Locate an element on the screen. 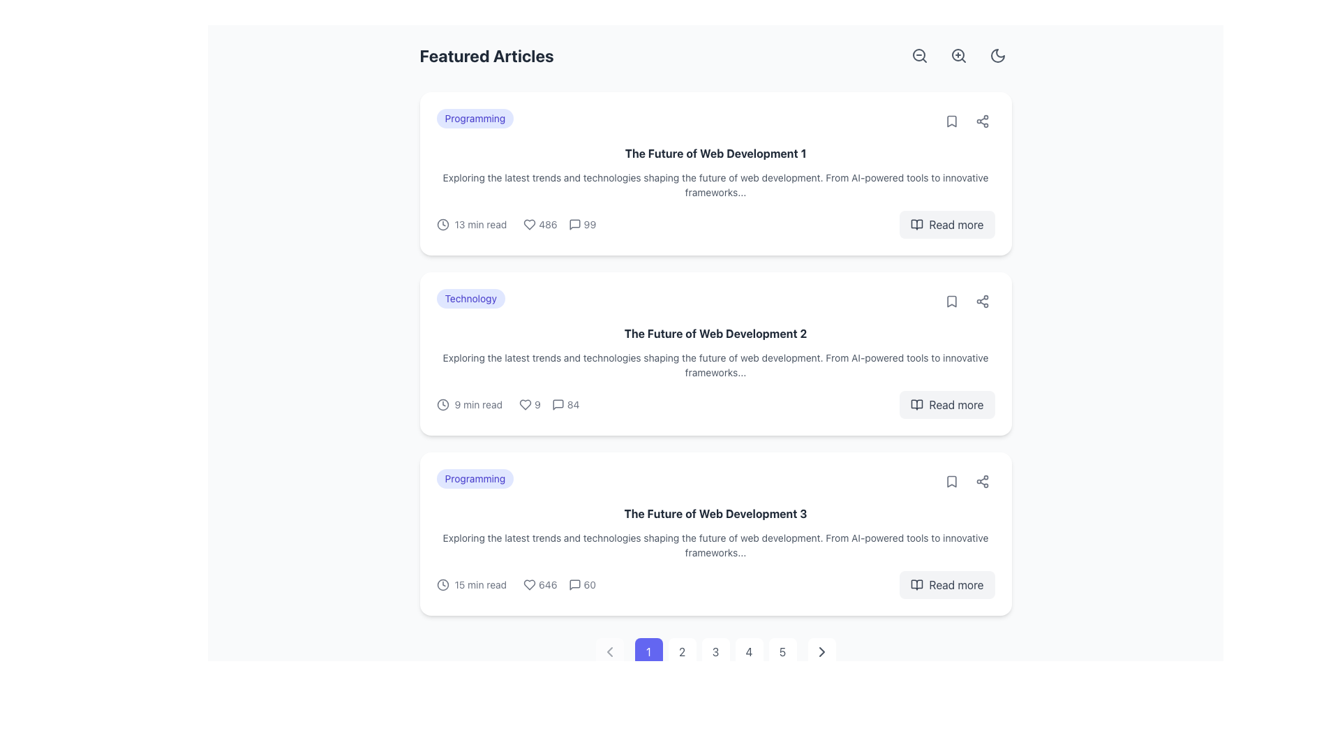 The height and width of the screenshot is (754, 1340). the numerical indicator '60' accompanied by a message icon, which is the last element in a row layout that includes another numerical indicator '646' and a heart icon is located at coordinates (582, 584).